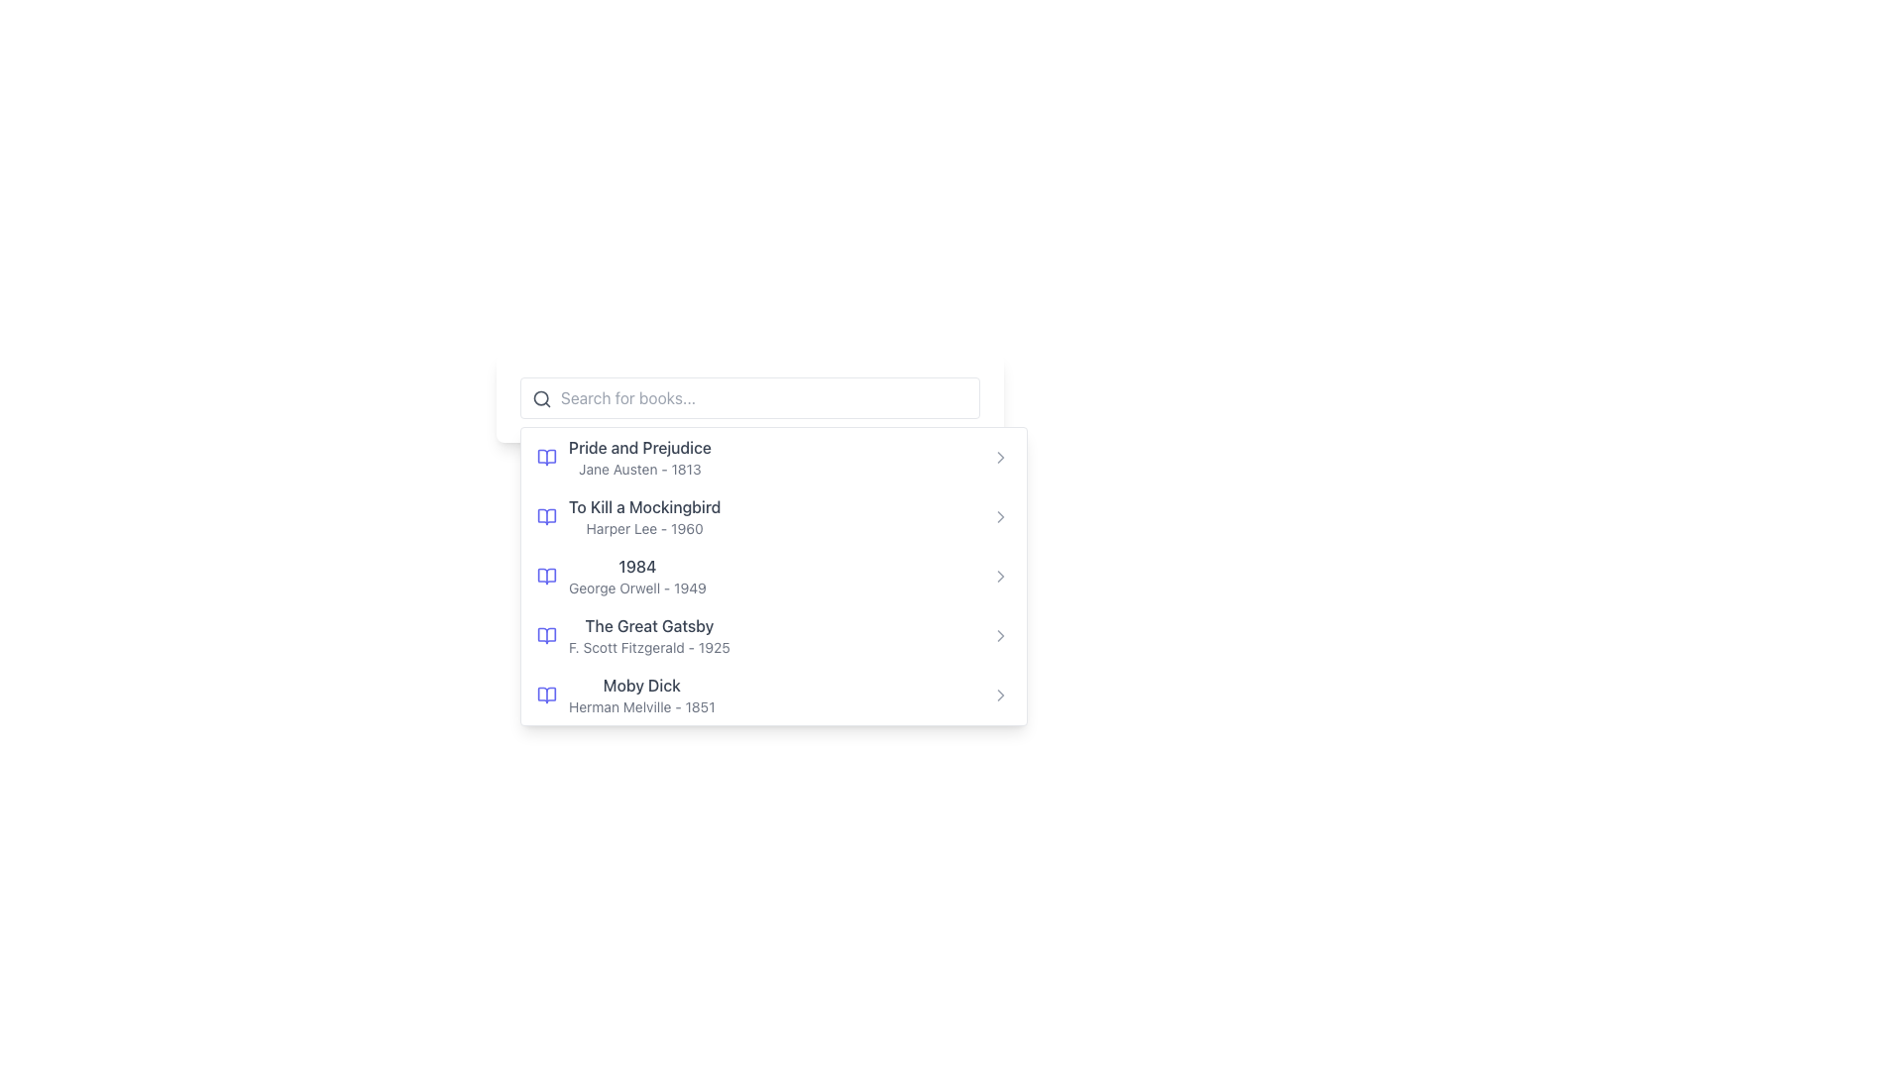  Describe the element at coordinates (627, 515) in the screenshot. I see `the second selectable book entry in the dropdown menu` at that location.